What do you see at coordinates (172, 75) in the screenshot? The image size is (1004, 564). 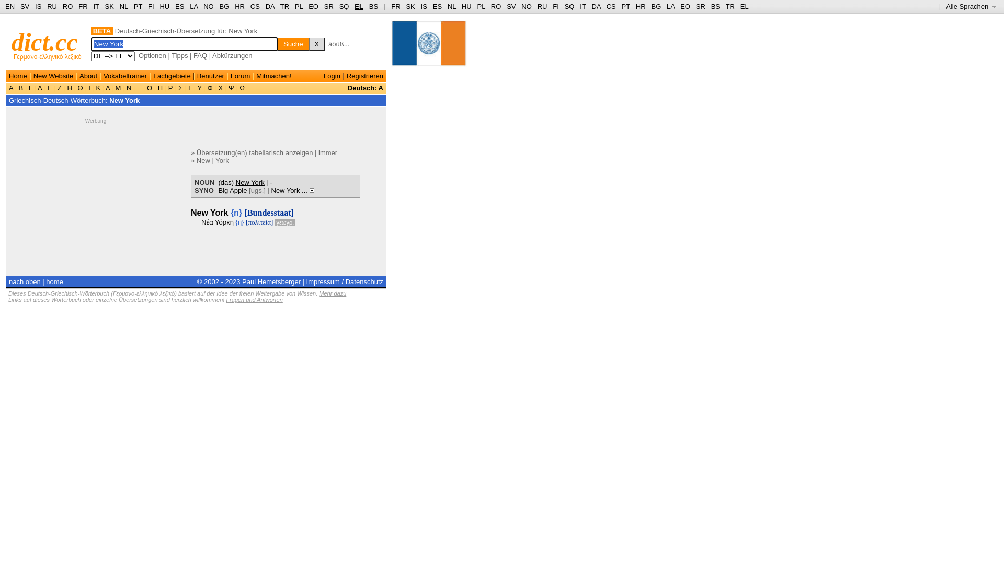 I see `'Fachgebiete'` at bounding box center [172, 75].